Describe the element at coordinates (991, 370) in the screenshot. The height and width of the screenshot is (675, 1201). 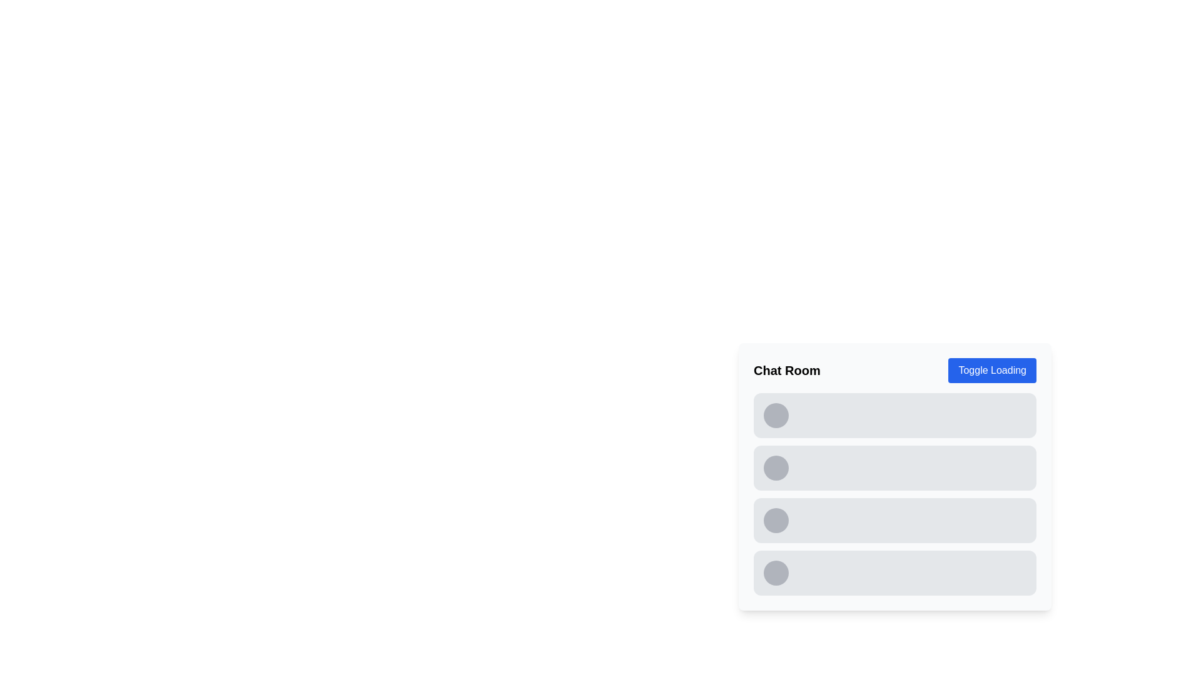
I see `the rectangular button with a blue background and white text labeled 'Toggle Loading'` at that location.